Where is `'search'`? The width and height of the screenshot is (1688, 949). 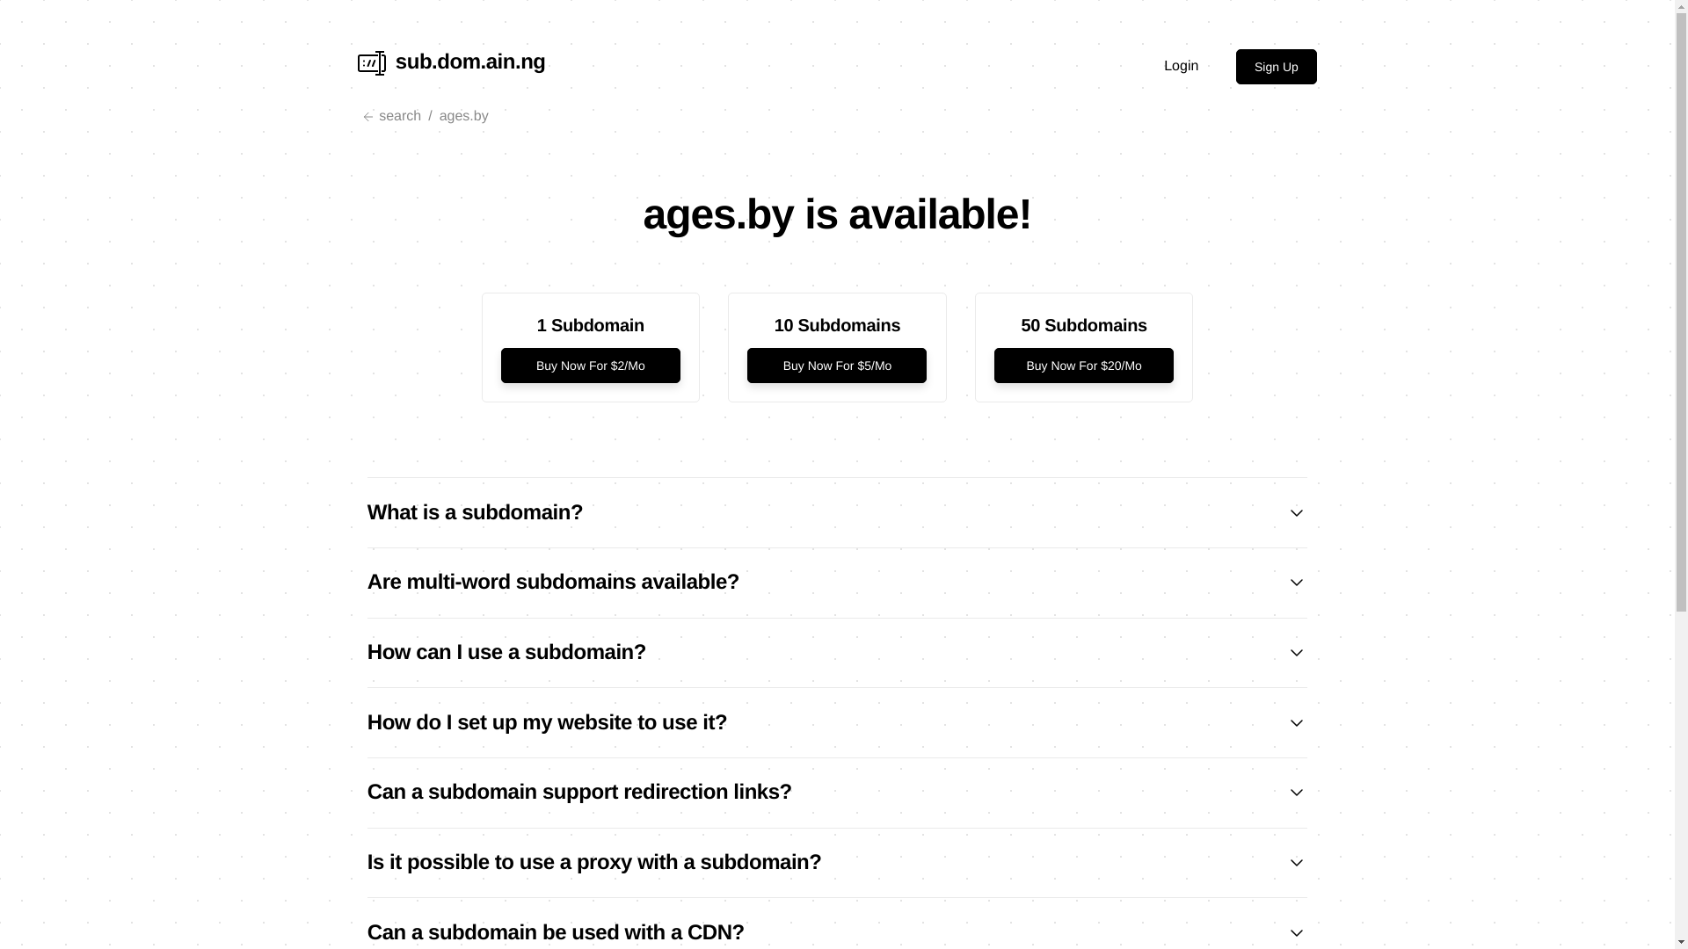 'search' is located at coordinates (357, 116).